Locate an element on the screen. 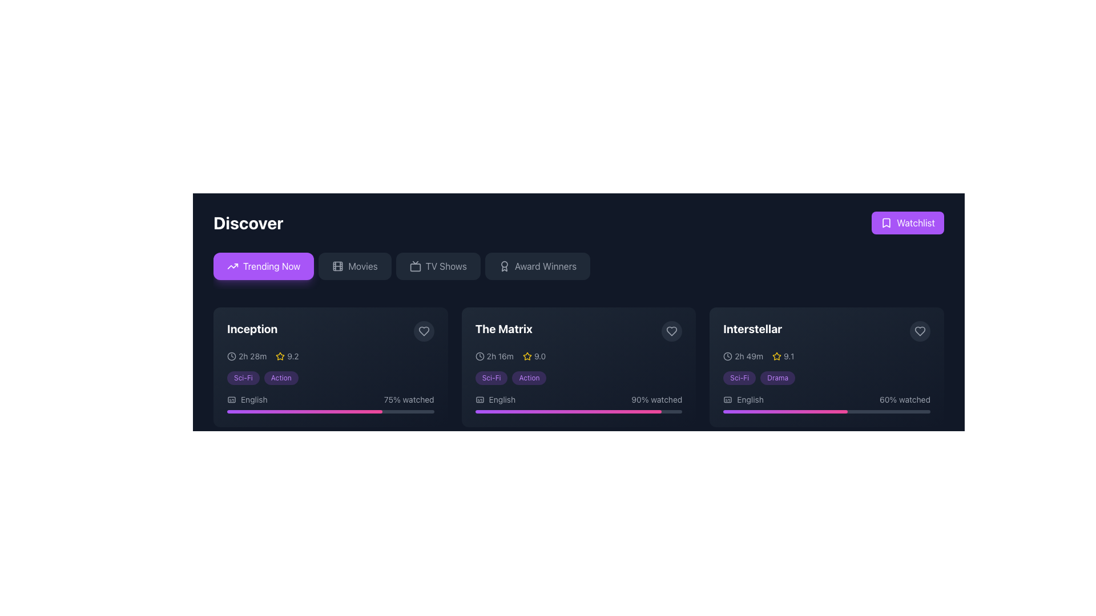 This screenshot has height=616, width=1096. the bookmark icon located to the left of the 'Watchlist' button at the top-right corner of the interface is located at coordinates (886, 222).